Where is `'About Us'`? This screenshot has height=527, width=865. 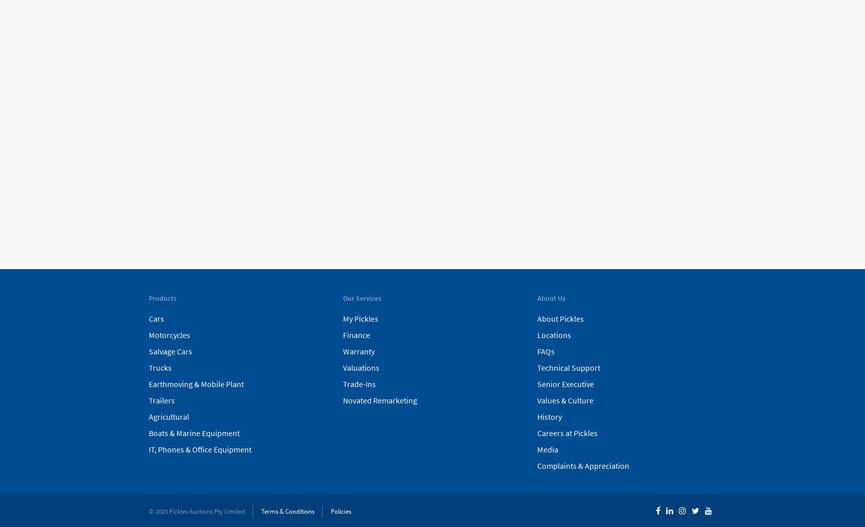
'About Us' is located at coordinates (551, 298).